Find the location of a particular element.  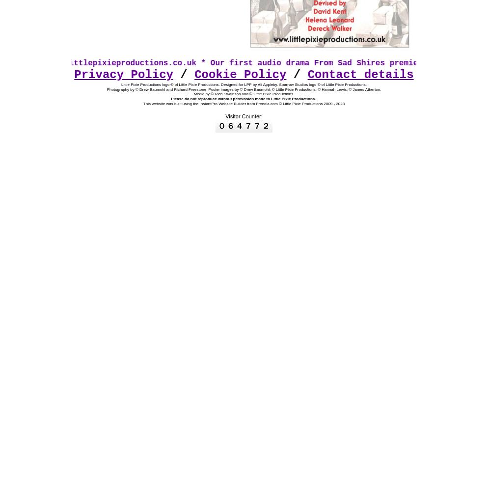

'Photography by © Drew Baumohl and Richard Freestone. Poster images by © Drew Baumohl; © Little Pixie Productions; © Hannah Lewis; © James Atherton.' is located at coordinates (106, 89).